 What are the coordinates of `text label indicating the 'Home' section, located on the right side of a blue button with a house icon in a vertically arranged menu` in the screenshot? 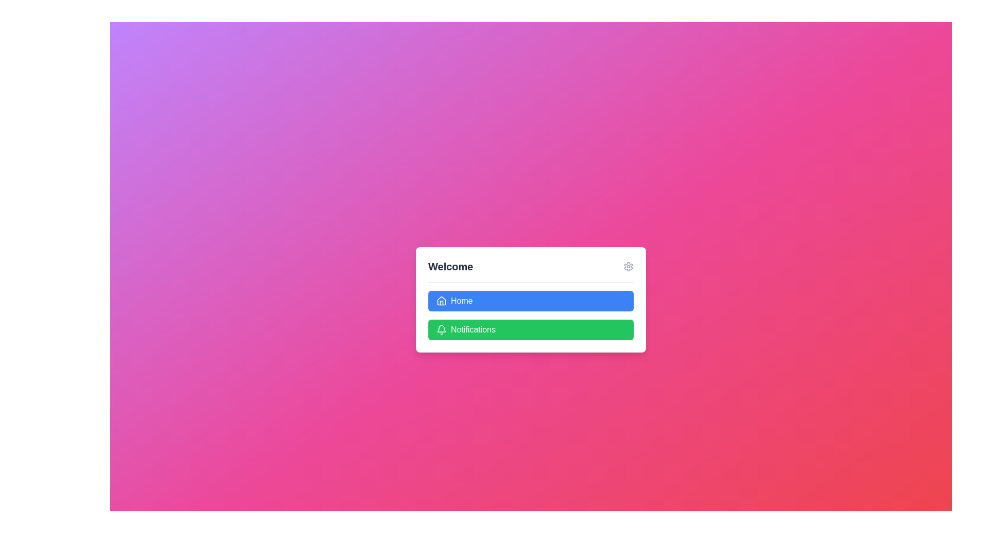 It's located at (461, 301).